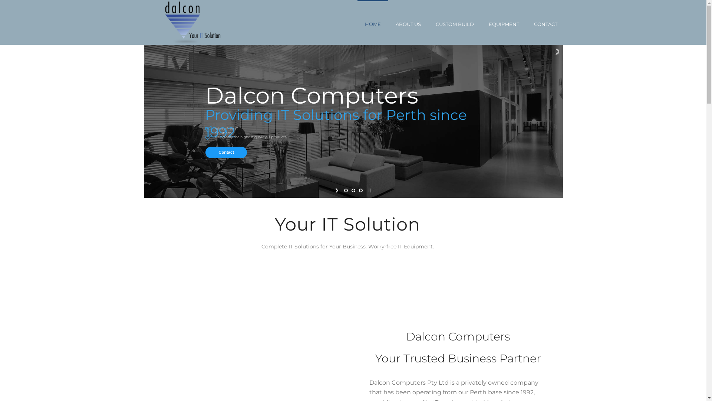 The image size is (712, 401). What do you see at coordinates (407, 22) in the screenshot?
I see `'ABOUT US'` at bounding box center [407, 22].